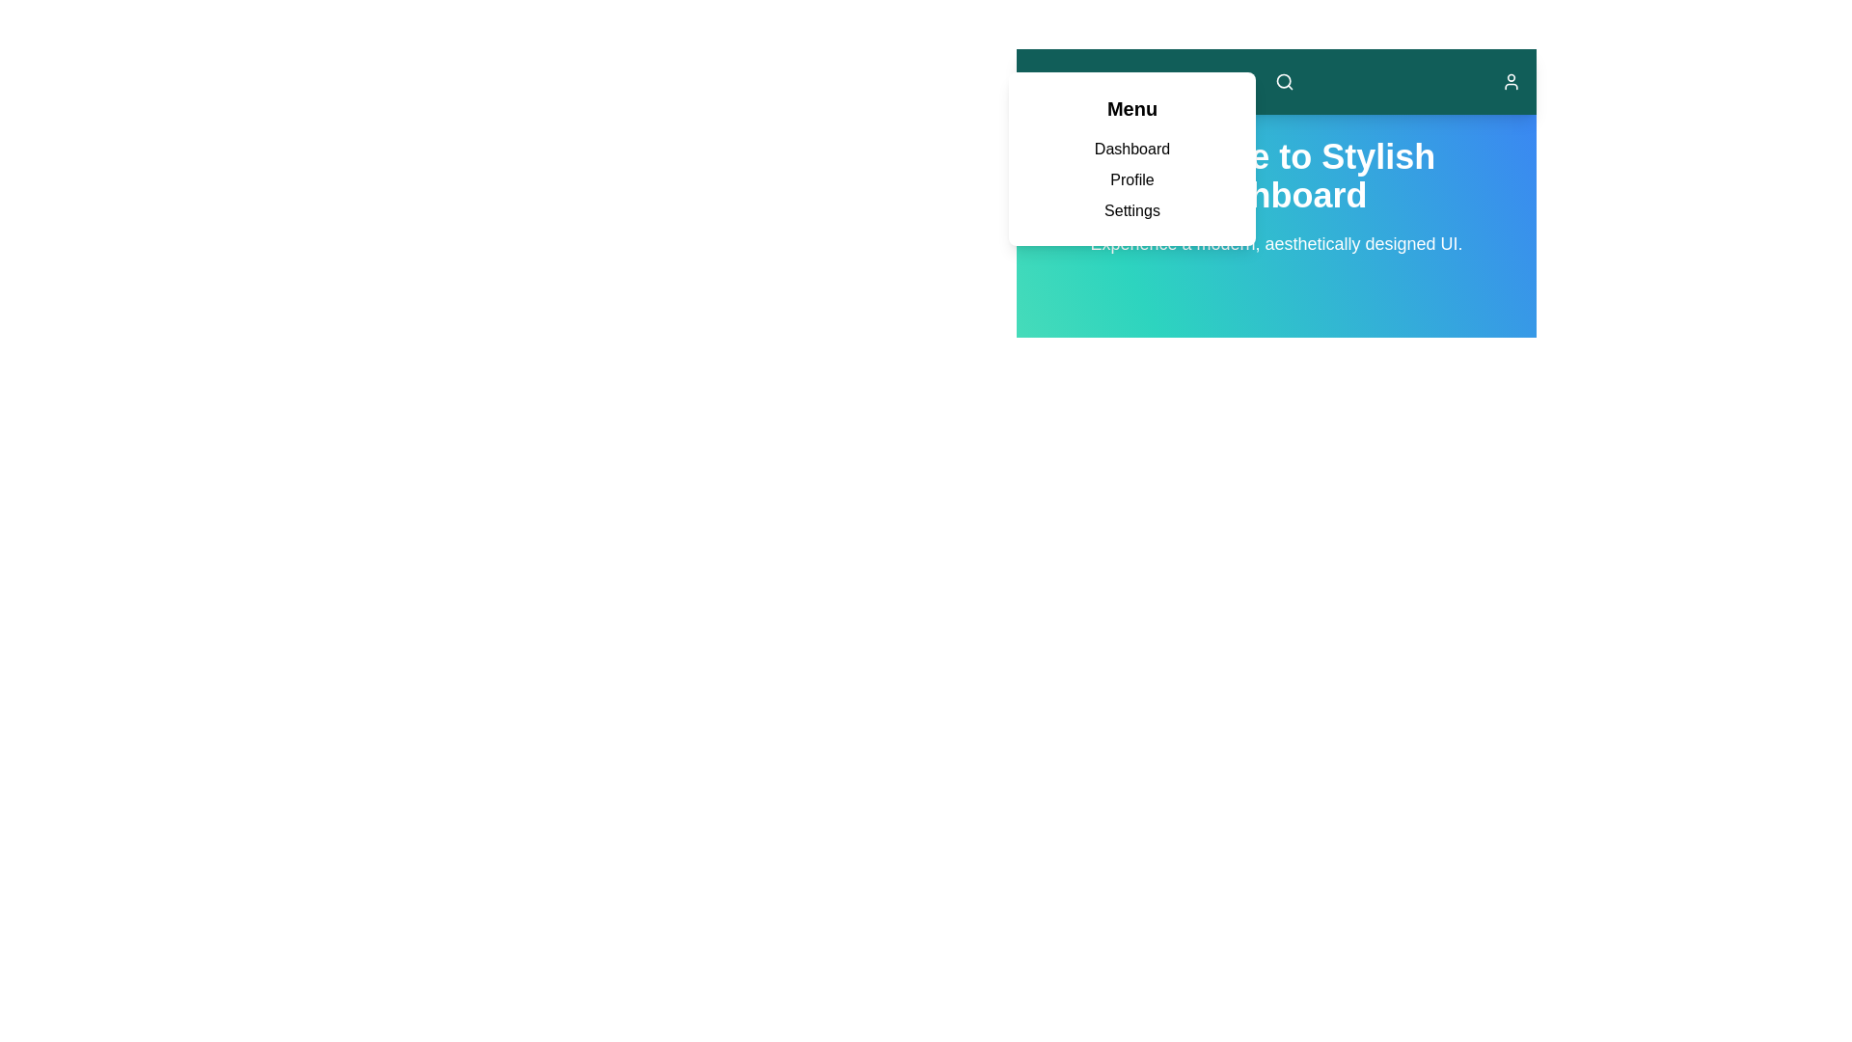 The height and width of the screenshot is (1042, 1852). I want to click on menu button to toggle the menu visibility, so click(1049, 80).